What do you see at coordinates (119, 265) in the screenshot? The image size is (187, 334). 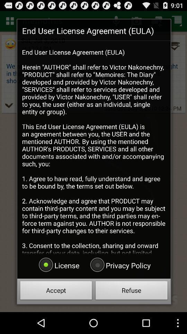 I see `privacy policy icon` at bounding box center [119, 265].